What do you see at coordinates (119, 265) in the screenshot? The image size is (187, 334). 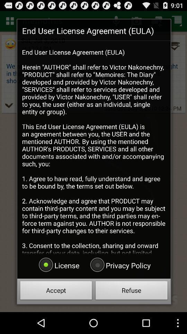 I see `privacy policy icon` at bounding box center [119, 265].